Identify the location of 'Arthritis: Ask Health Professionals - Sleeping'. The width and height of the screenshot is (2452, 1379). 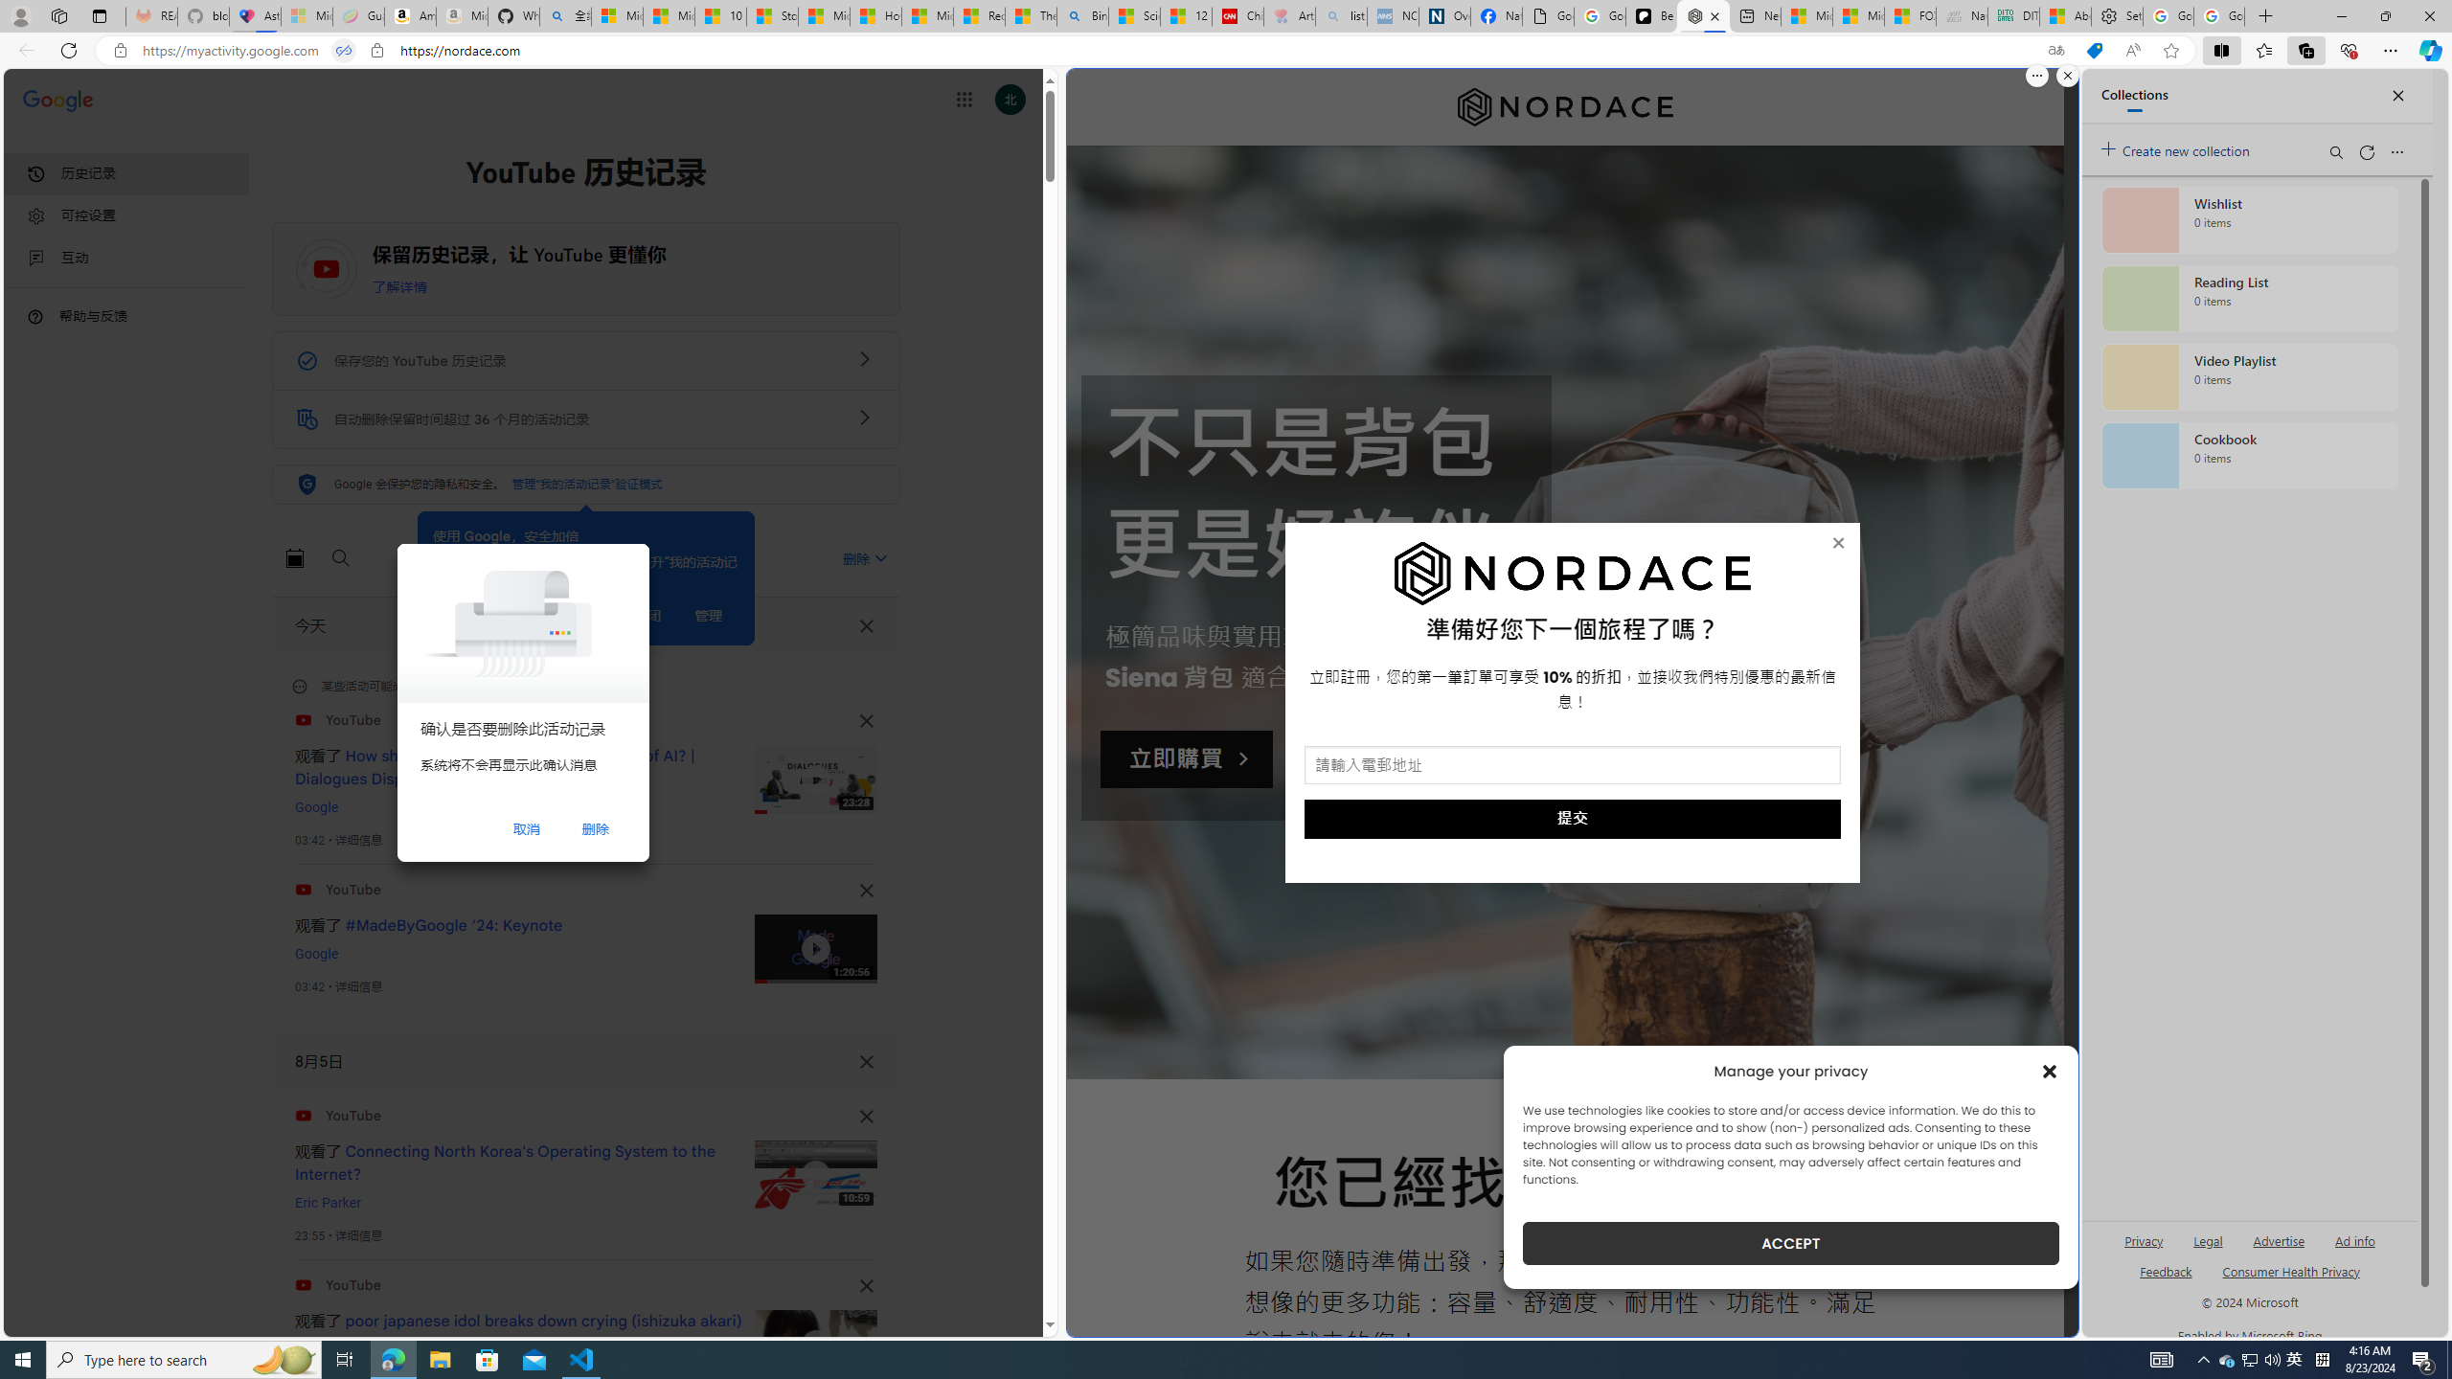
(1288, 15).